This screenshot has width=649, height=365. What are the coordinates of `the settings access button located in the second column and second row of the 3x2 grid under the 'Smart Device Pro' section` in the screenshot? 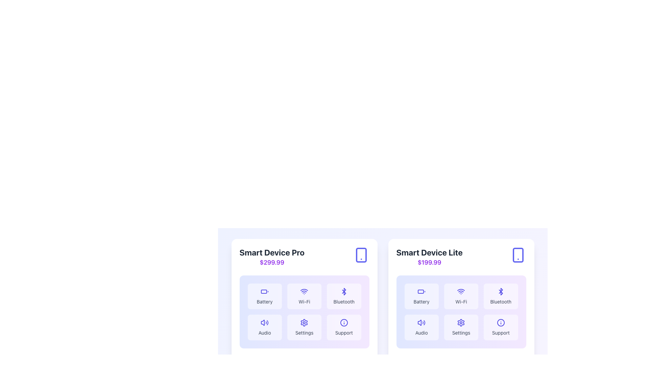 It's located at (304, 327).